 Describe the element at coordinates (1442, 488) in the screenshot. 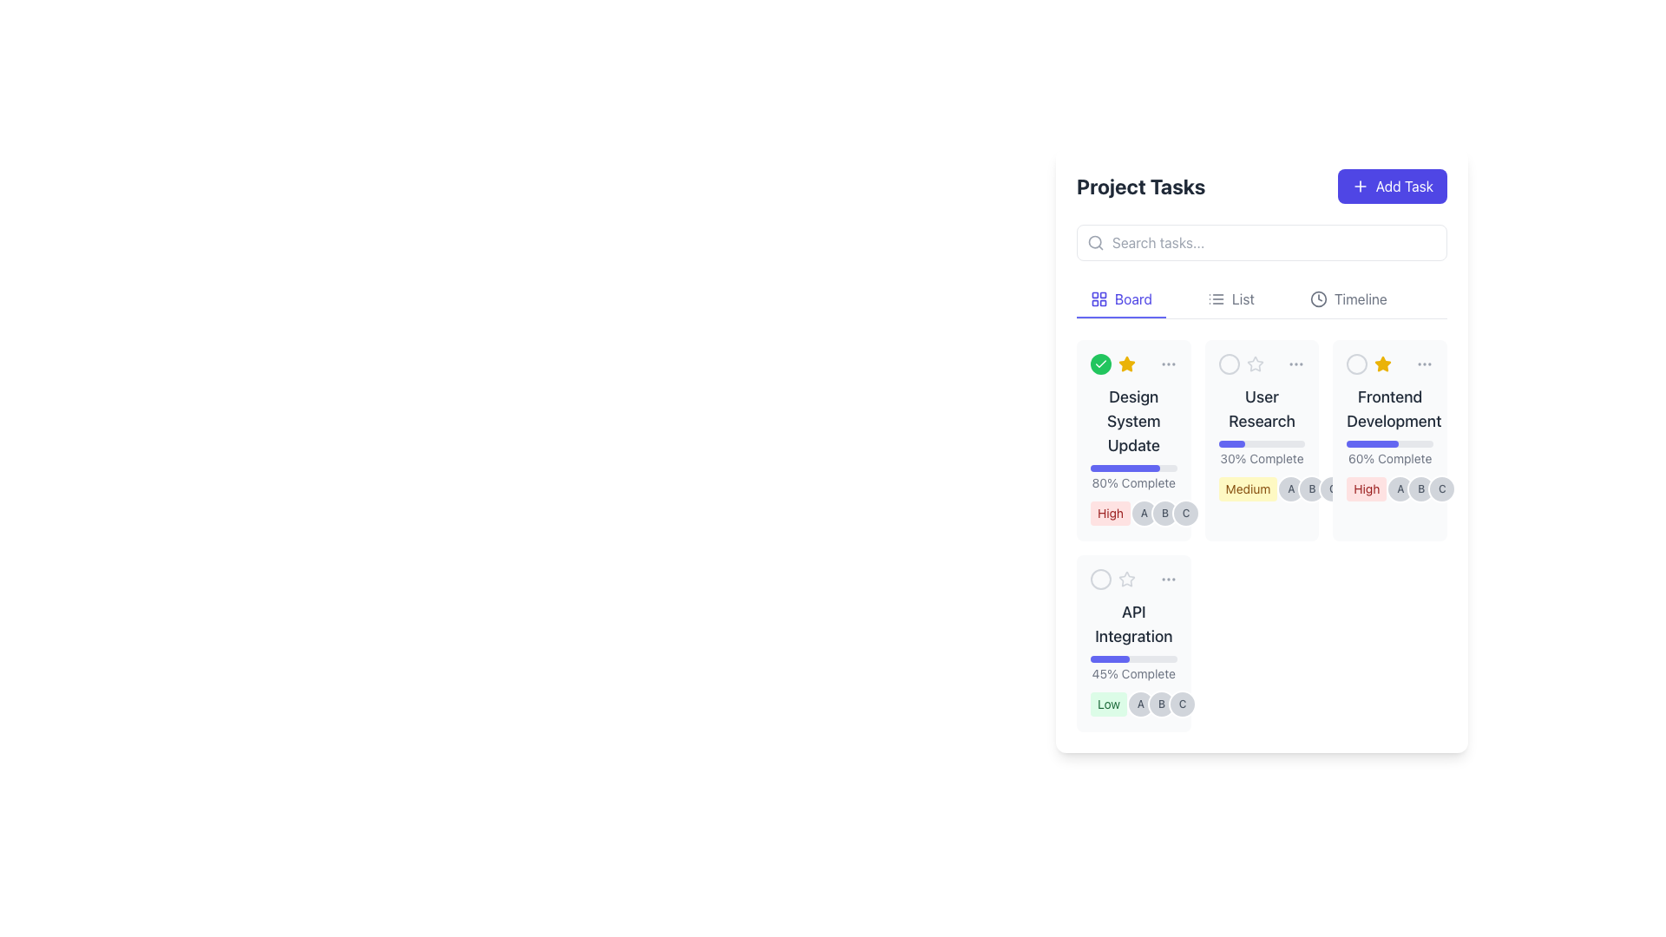

I see `the information represented by the circular Avatar or Badge labeled 'C', which has a light gray background, a white border, and is positioned as the third circle from the left under the 'Project Tasks' section` at that location.